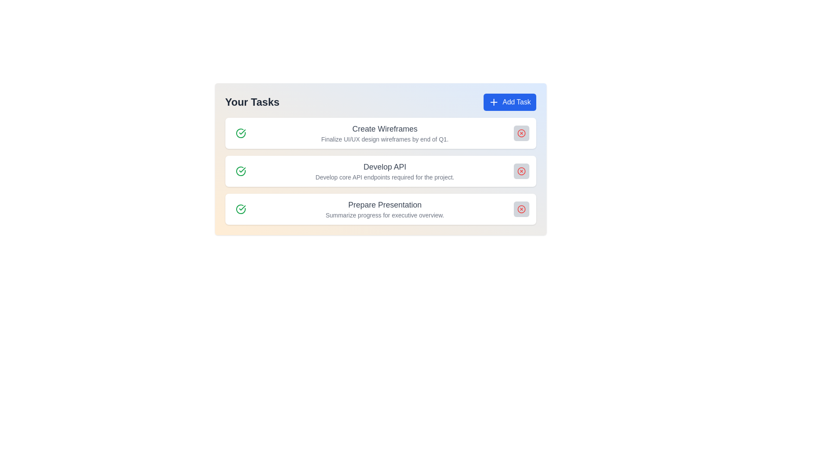  I want to click on the circular icon with a green outline featuring a checkmark, which symbolizes task completion, located at the top-left corner of the 'Develop API' task card, so click(240, 171).